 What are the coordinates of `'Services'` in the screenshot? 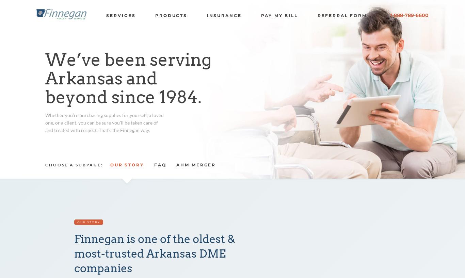 It's located at (121, 15).